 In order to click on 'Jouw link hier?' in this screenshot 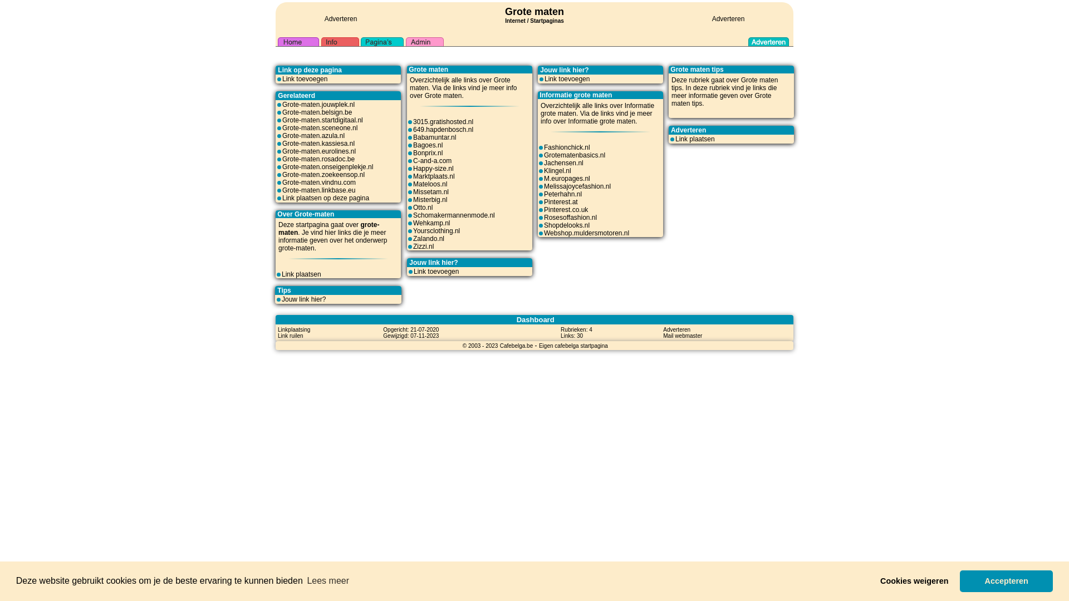, I will do `click(303, 298)`.